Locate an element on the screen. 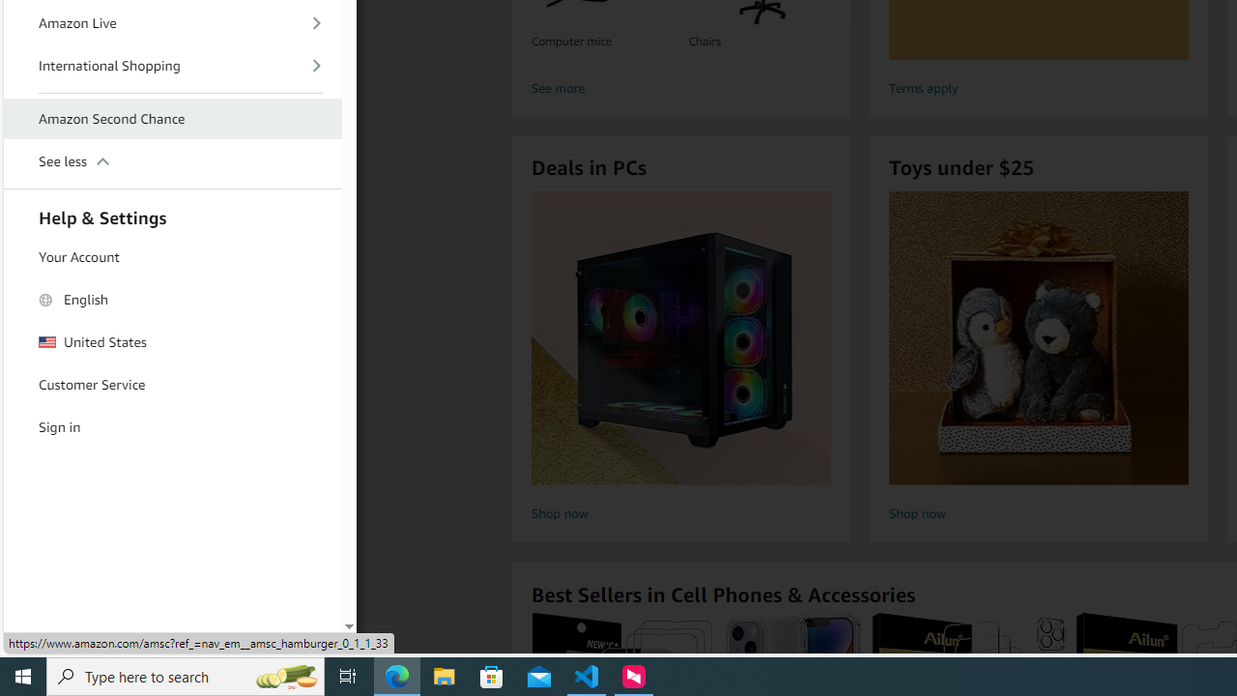 Image resolution: width=1237 pixels, height=696 pixels. 'Help & Settings' is located at coordinates (173, 215).